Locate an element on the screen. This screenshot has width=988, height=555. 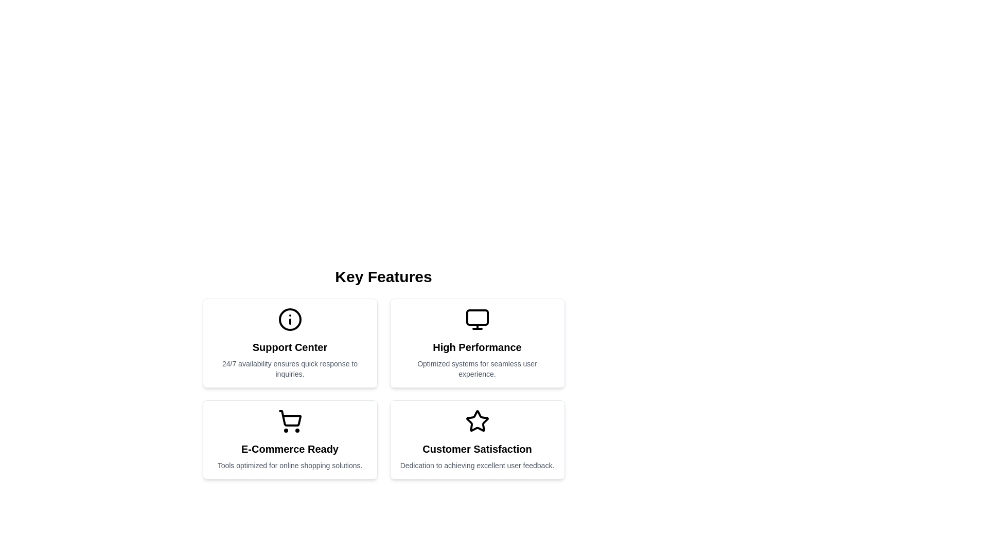
the text located in the bordered and shadowed box under the heading 'High Performance', specifically the last line of text in this box is located at coordinates (477, 368).